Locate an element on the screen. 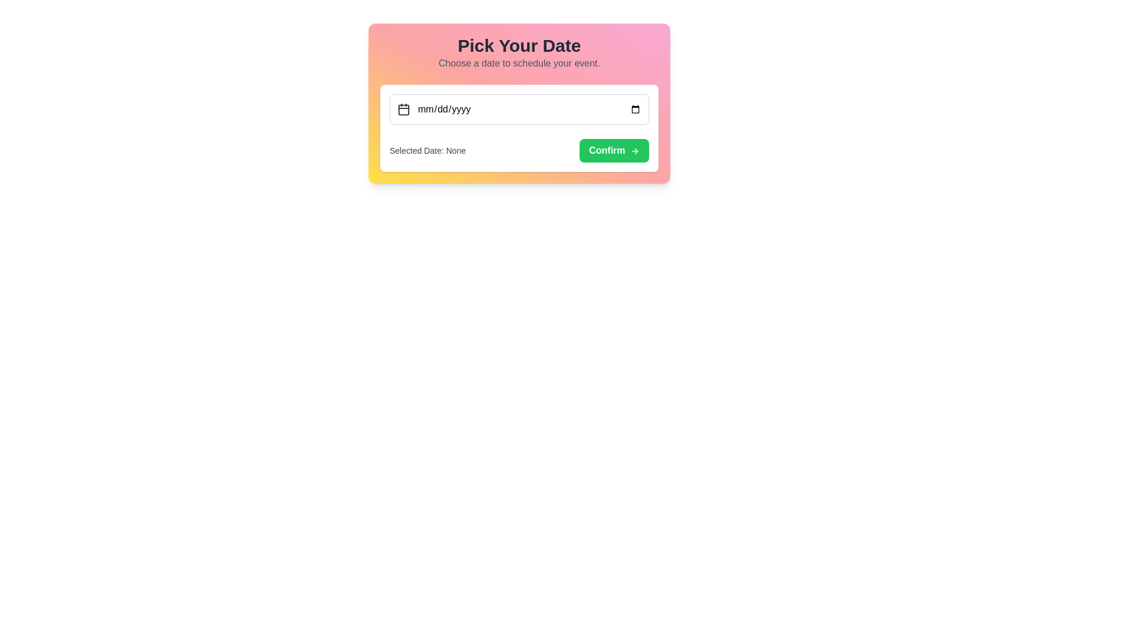  the Right Arrow icon located at the right edge of the Confirm button in the form is located at coordinates (634, 150).